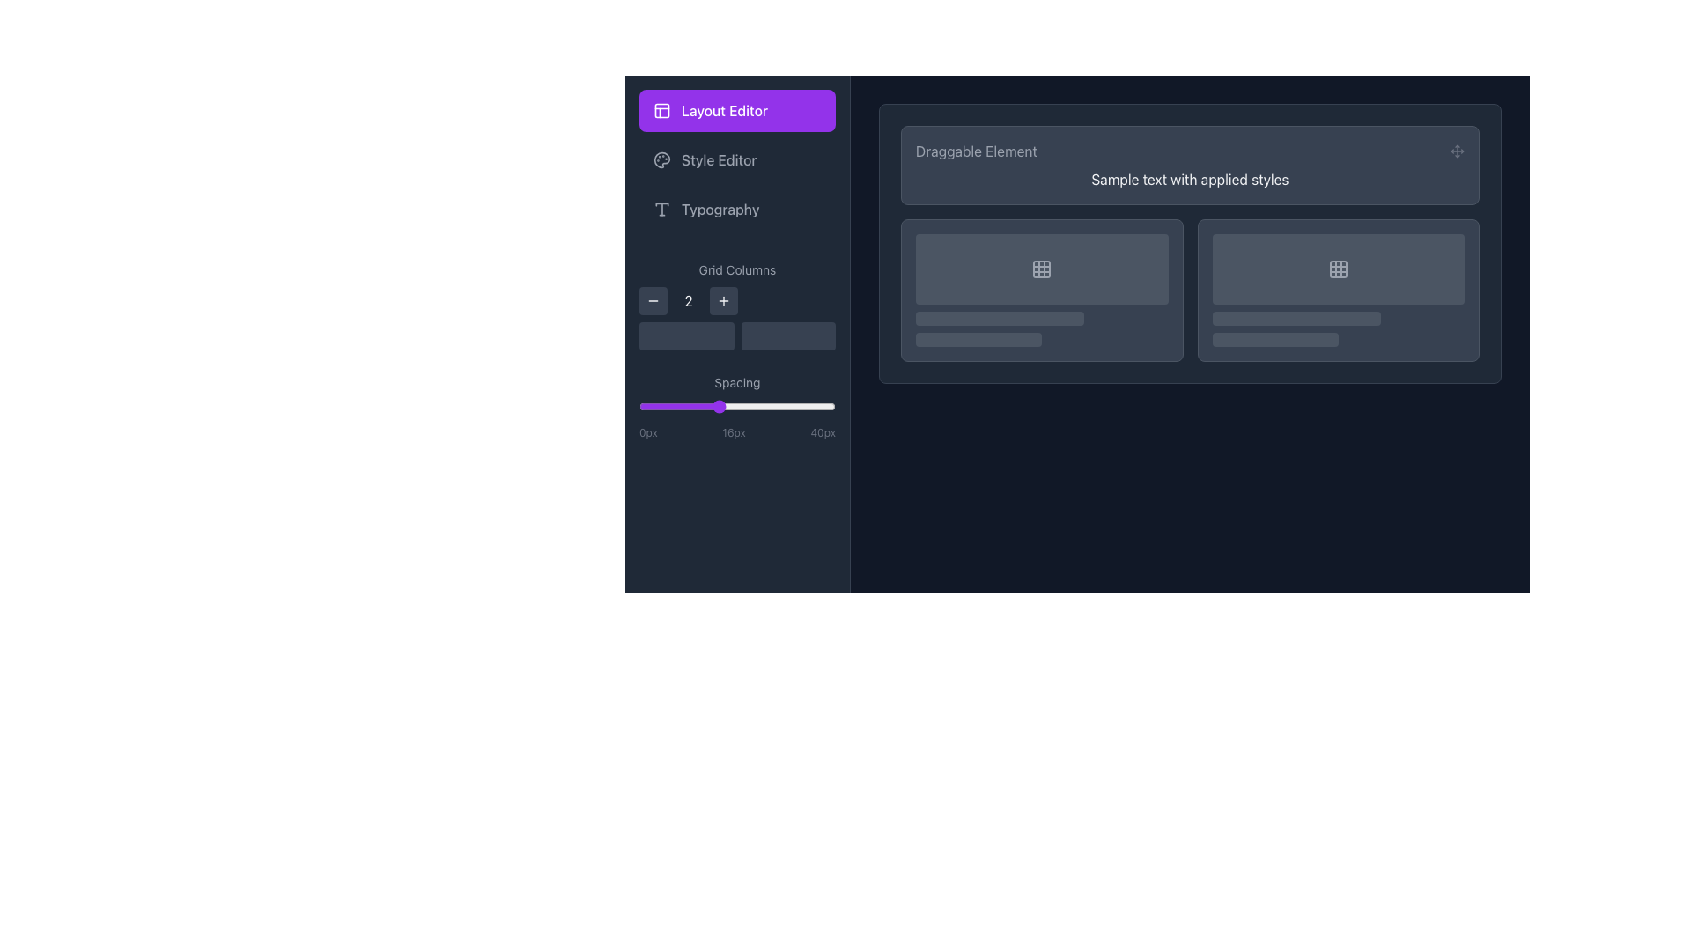 This screenshot has height=951, width=1691. Describe the element at coordinates (790, 407) in the screenshot. I see `the spacing value` at that location.